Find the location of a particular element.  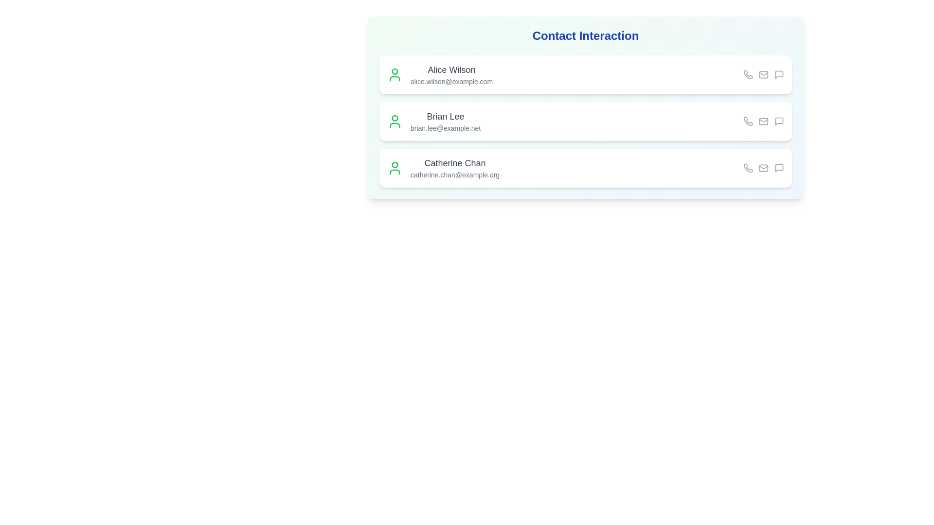

the phone icon for the contact Brian Lee is located at coordinates (747, 121).